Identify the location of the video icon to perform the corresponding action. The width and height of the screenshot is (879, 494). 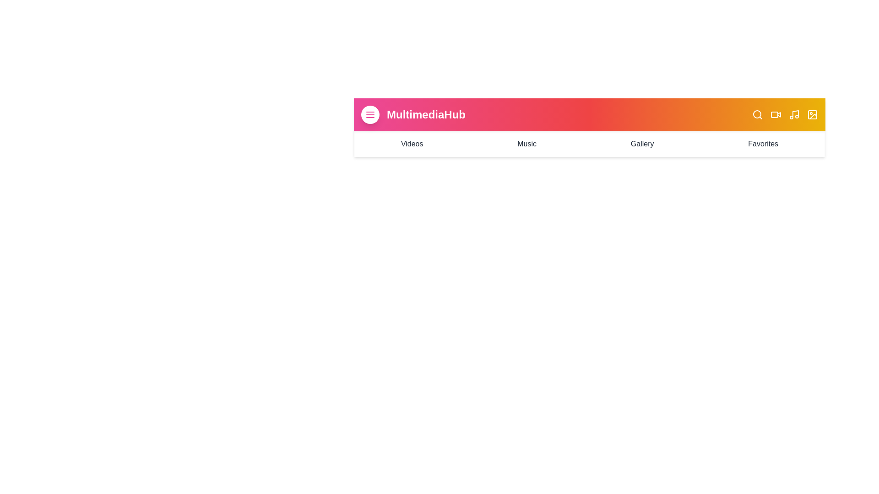
(775, 114).